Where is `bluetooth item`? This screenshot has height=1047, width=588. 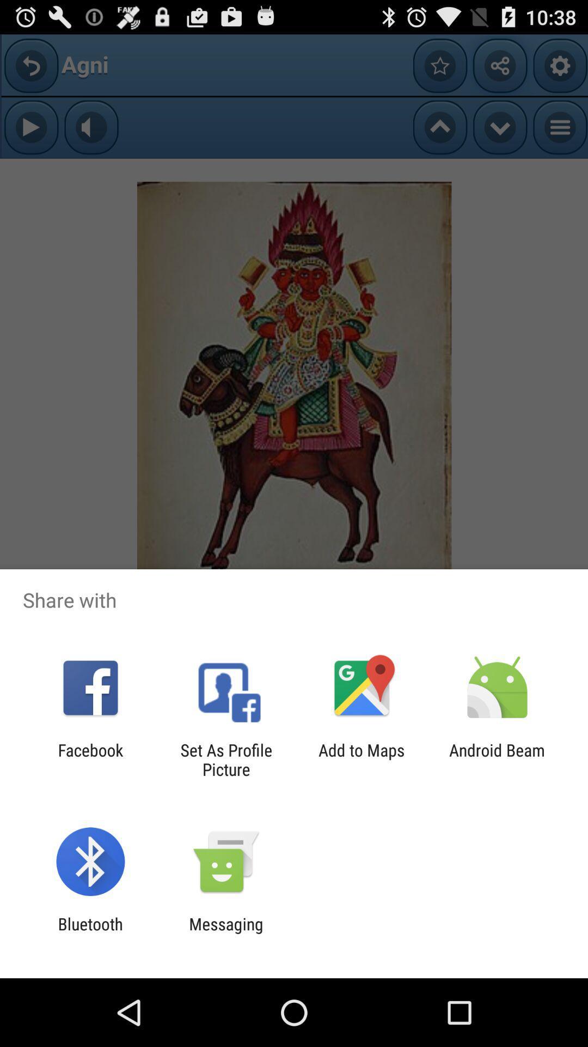
bluetooth item is located at coordinates (90, 933).